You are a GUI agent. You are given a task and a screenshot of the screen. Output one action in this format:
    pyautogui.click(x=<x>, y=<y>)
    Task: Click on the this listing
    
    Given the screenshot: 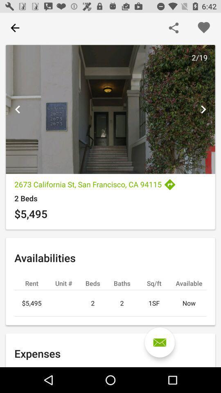 What is the action you would take?
    pyautogui.click(x=203, y=28)
    